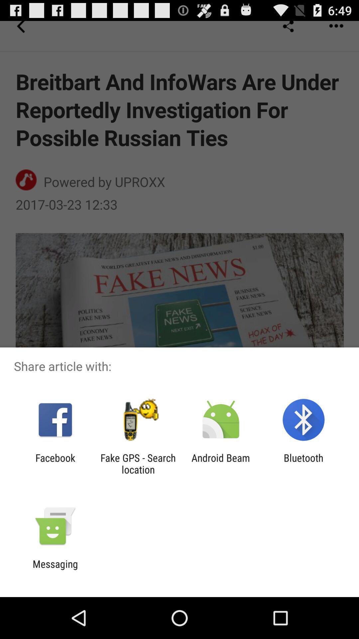 The width and height of the screenshot is (359, 639). Describe the element at coordinates (303, 463) in the screenshot. I see `the item to the right of android beam icon` at that location.